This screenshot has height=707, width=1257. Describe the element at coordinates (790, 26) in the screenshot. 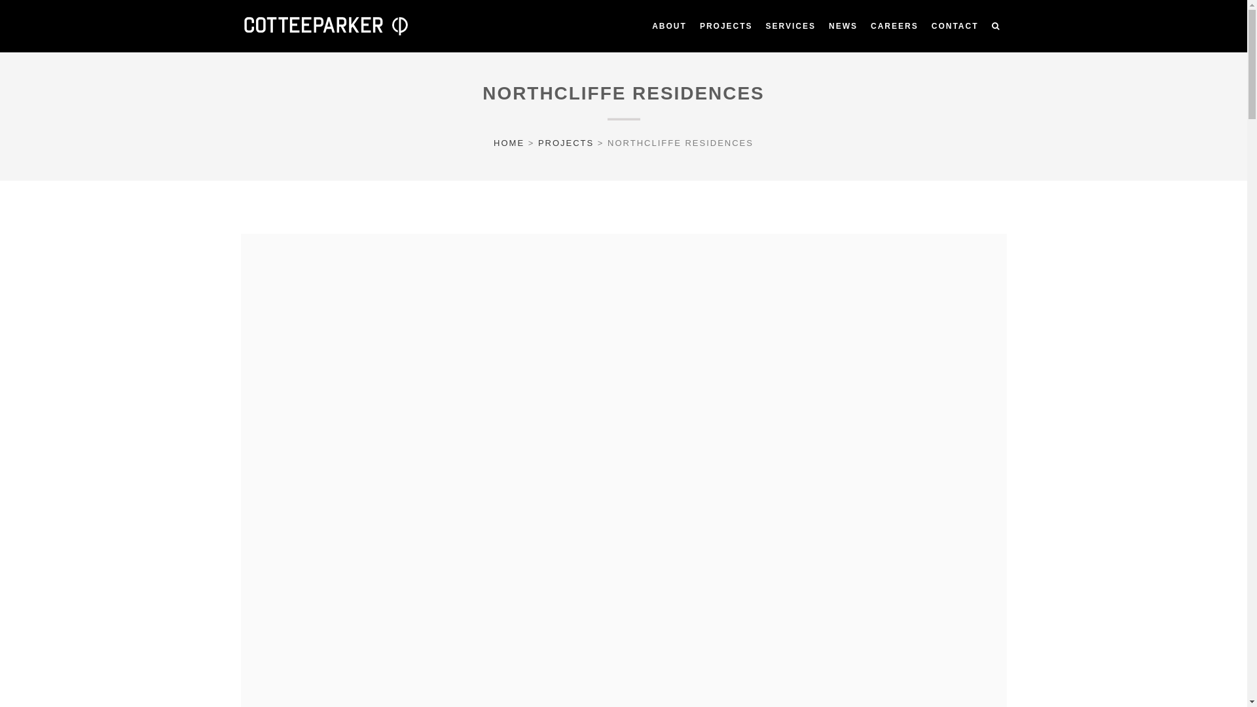

I see `'SERVICES'` at that location.